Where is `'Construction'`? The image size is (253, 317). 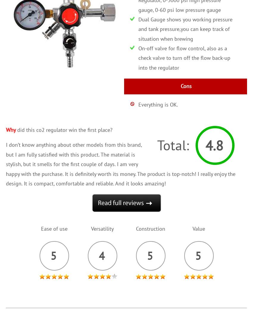
'Construction' is located at coordinates (135, 228).